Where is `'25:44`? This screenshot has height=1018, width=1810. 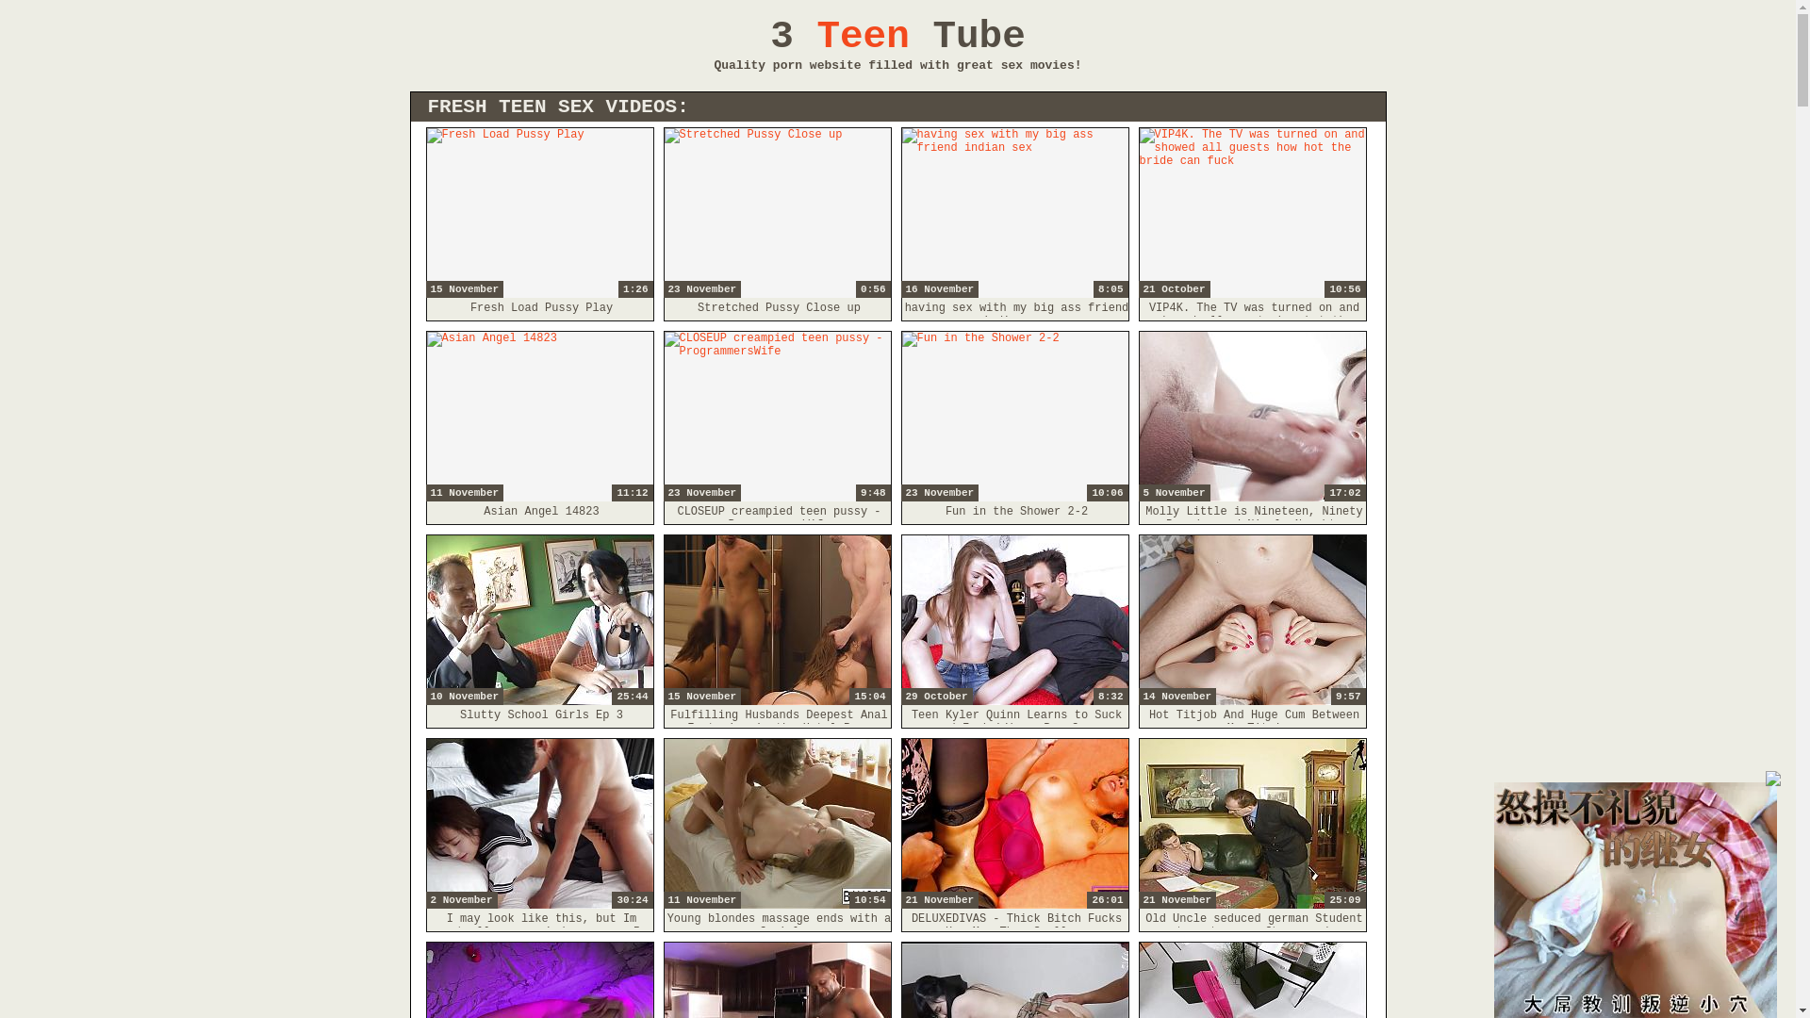
'25:44 is located at coordinates (537, 620).